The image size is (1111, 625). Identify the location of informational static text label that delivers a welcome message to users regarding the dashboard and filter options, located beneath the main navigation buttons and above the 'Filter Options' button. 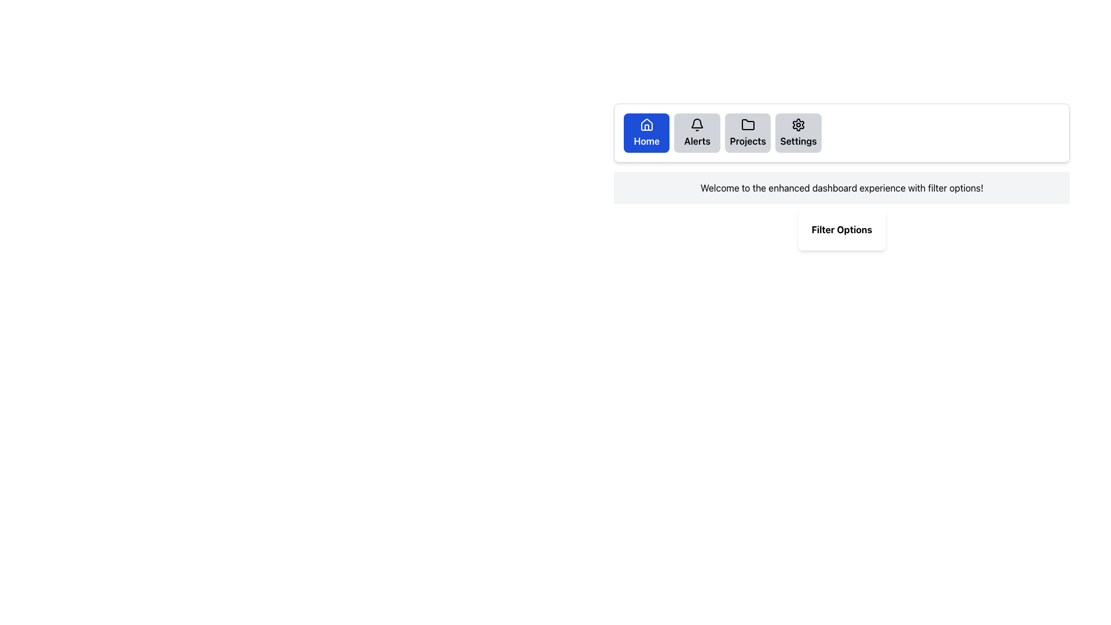
(841, 187).